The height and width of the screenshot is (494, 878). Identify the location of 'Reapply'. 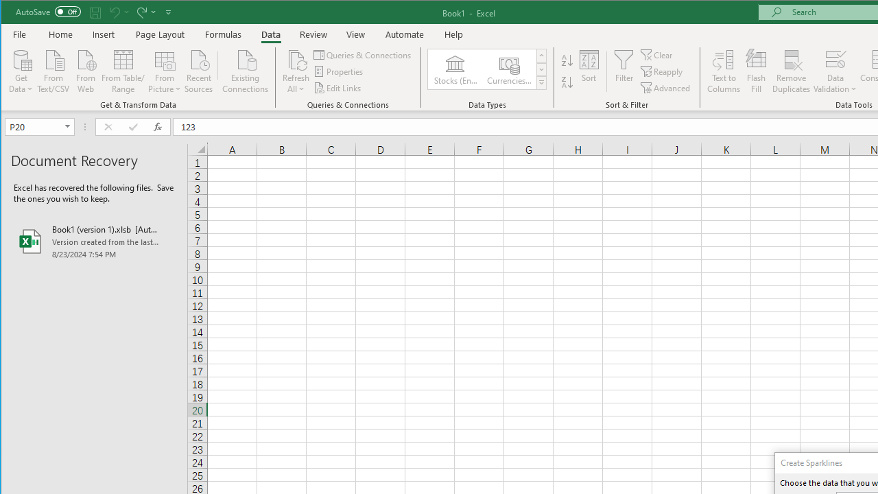
(663, 71).